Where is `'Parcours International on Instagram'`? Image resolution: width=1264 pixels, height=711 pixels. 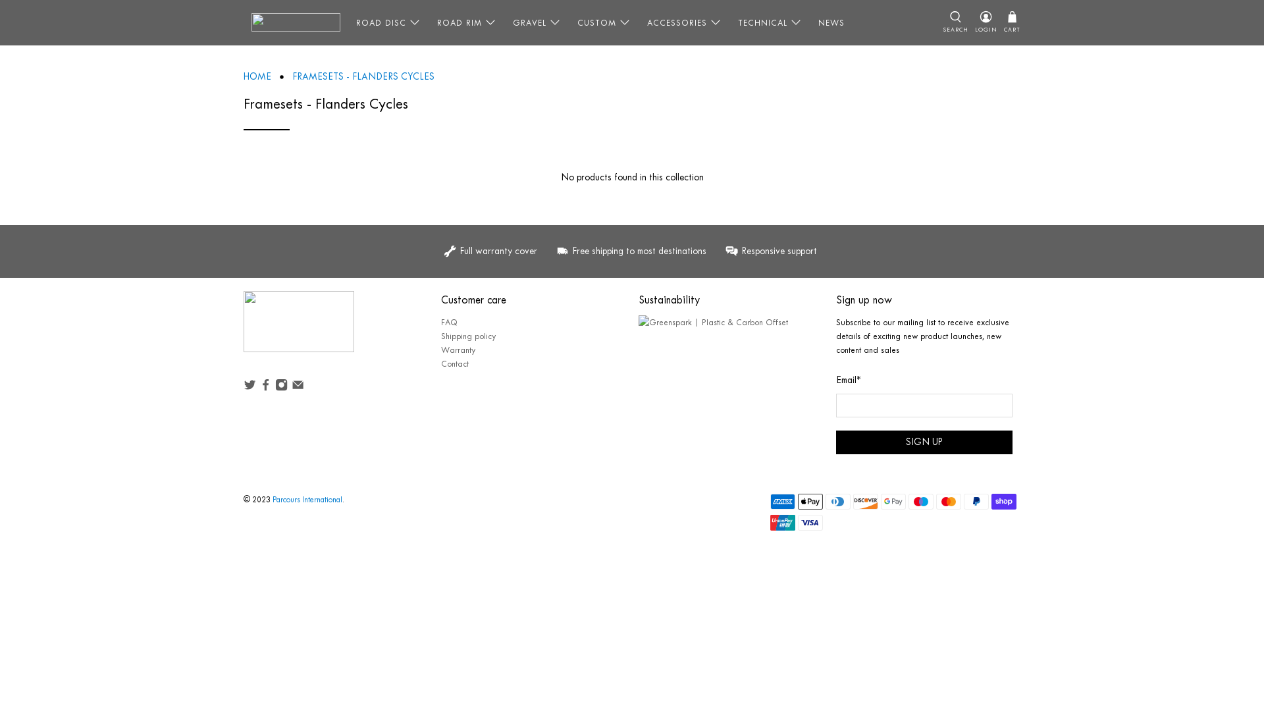 'Parcours International on Instagram' is located at coordinates (280, 387).